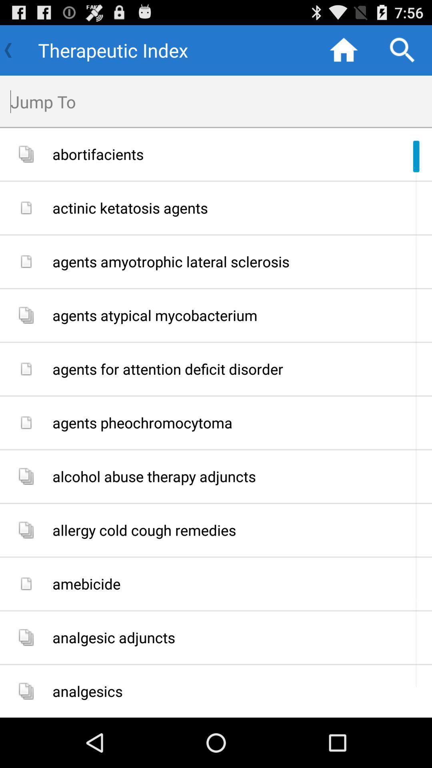 This screenshot has height=768, width=432. I want to click on jump to, so click(221, 101).